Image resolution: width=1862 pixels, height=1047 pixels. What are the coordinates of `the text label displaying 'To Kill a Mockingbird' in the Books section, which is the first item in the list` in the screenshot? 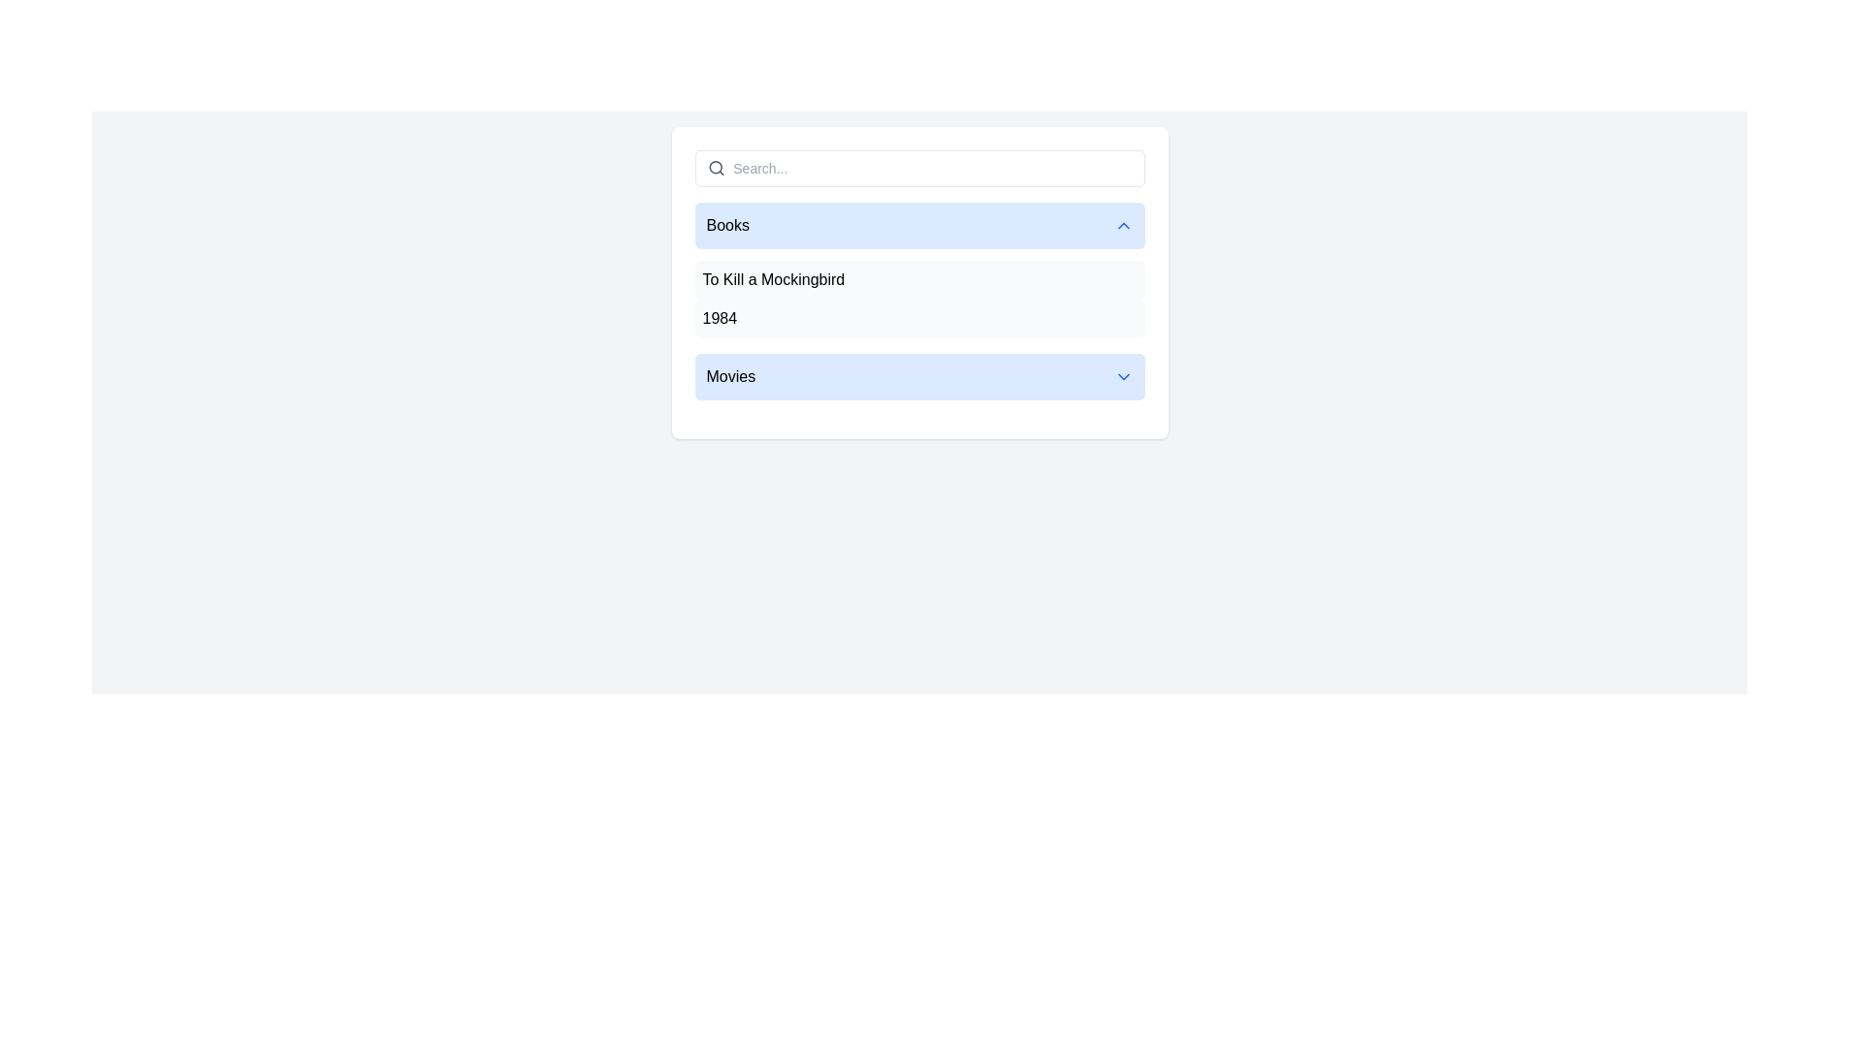 It's located at (772, 280).